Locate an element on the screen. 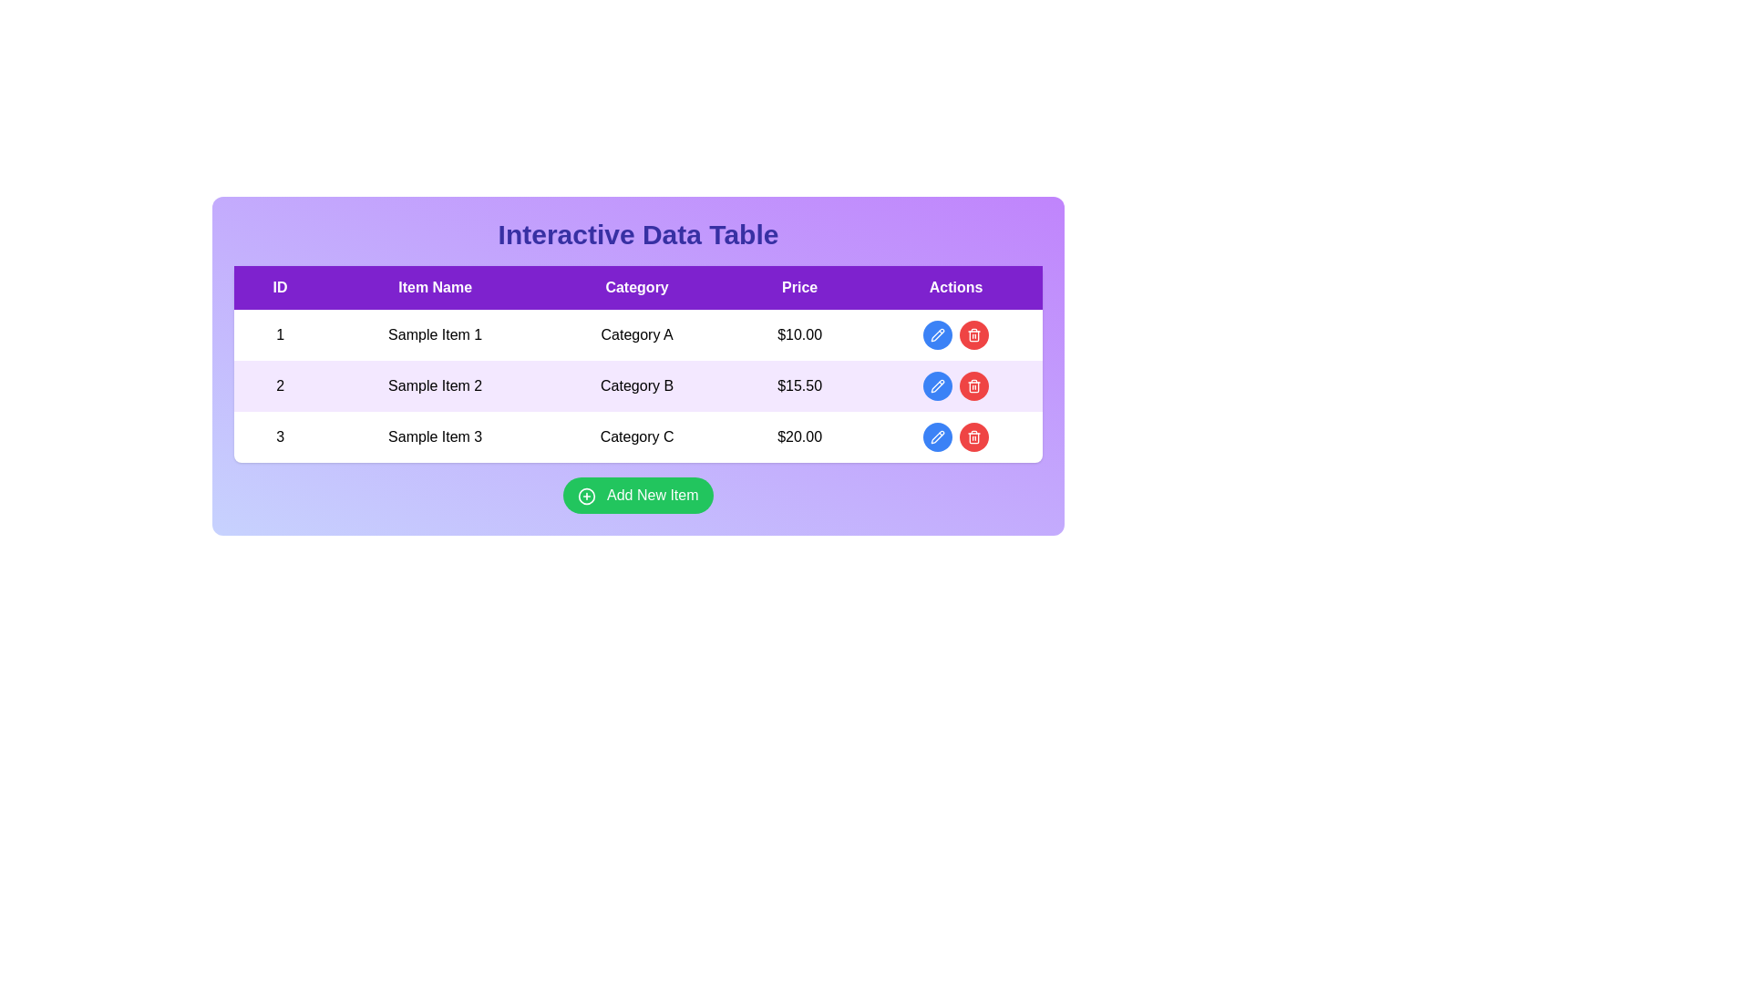 This screenshot has width=1750, height=984. the table cell containing the text '1' in the first column of the first row under the 'ID' column header is located at coordinates (279, 334).